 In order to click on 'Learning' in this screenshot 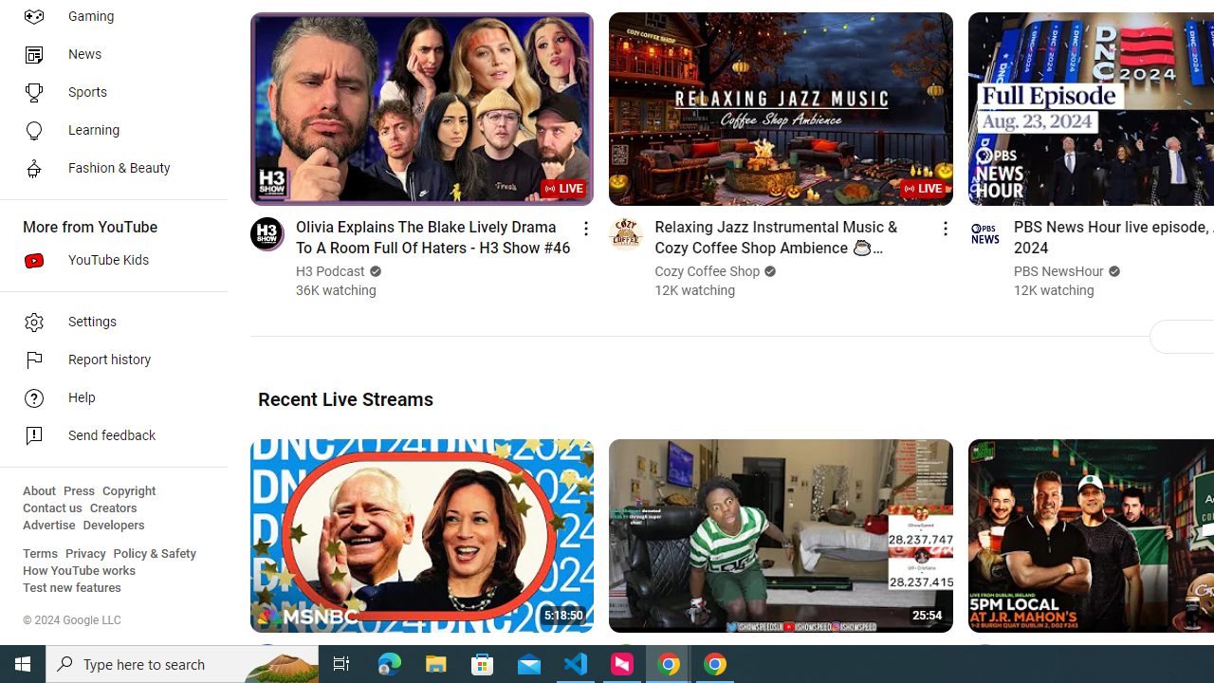, I will do `click(106, 129)`.